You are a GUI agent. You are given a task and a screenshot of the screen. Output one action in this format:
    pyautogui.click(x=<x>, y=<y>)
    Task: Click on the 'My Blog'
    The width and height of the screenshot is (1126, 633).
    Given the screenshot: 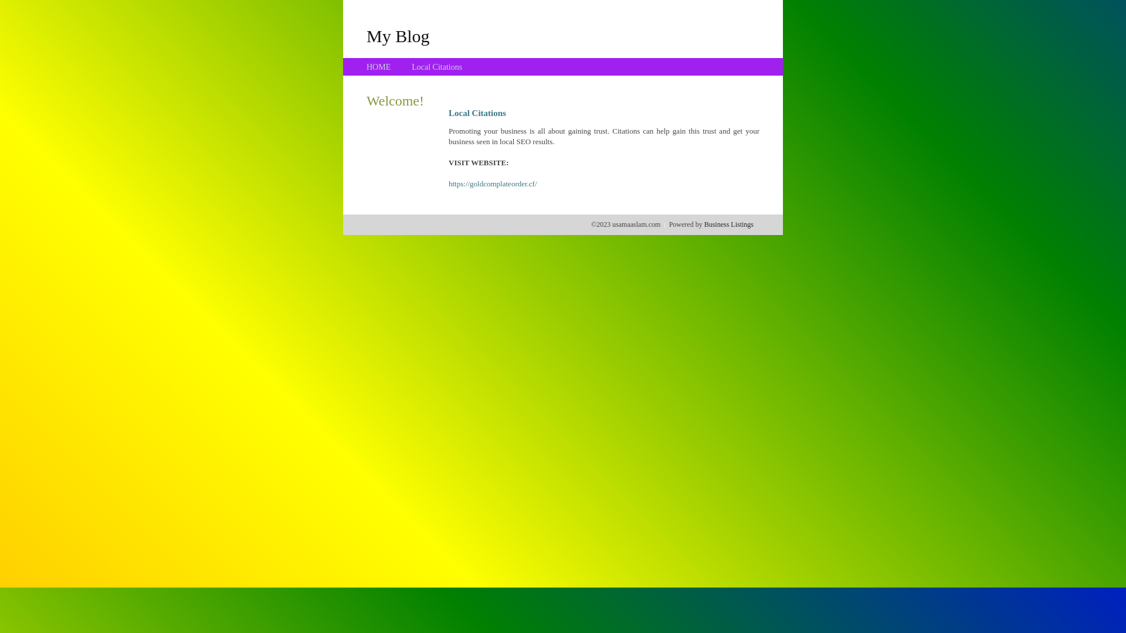 What is the action you would take?
    pyautogui.click(x=398, y=35)
    